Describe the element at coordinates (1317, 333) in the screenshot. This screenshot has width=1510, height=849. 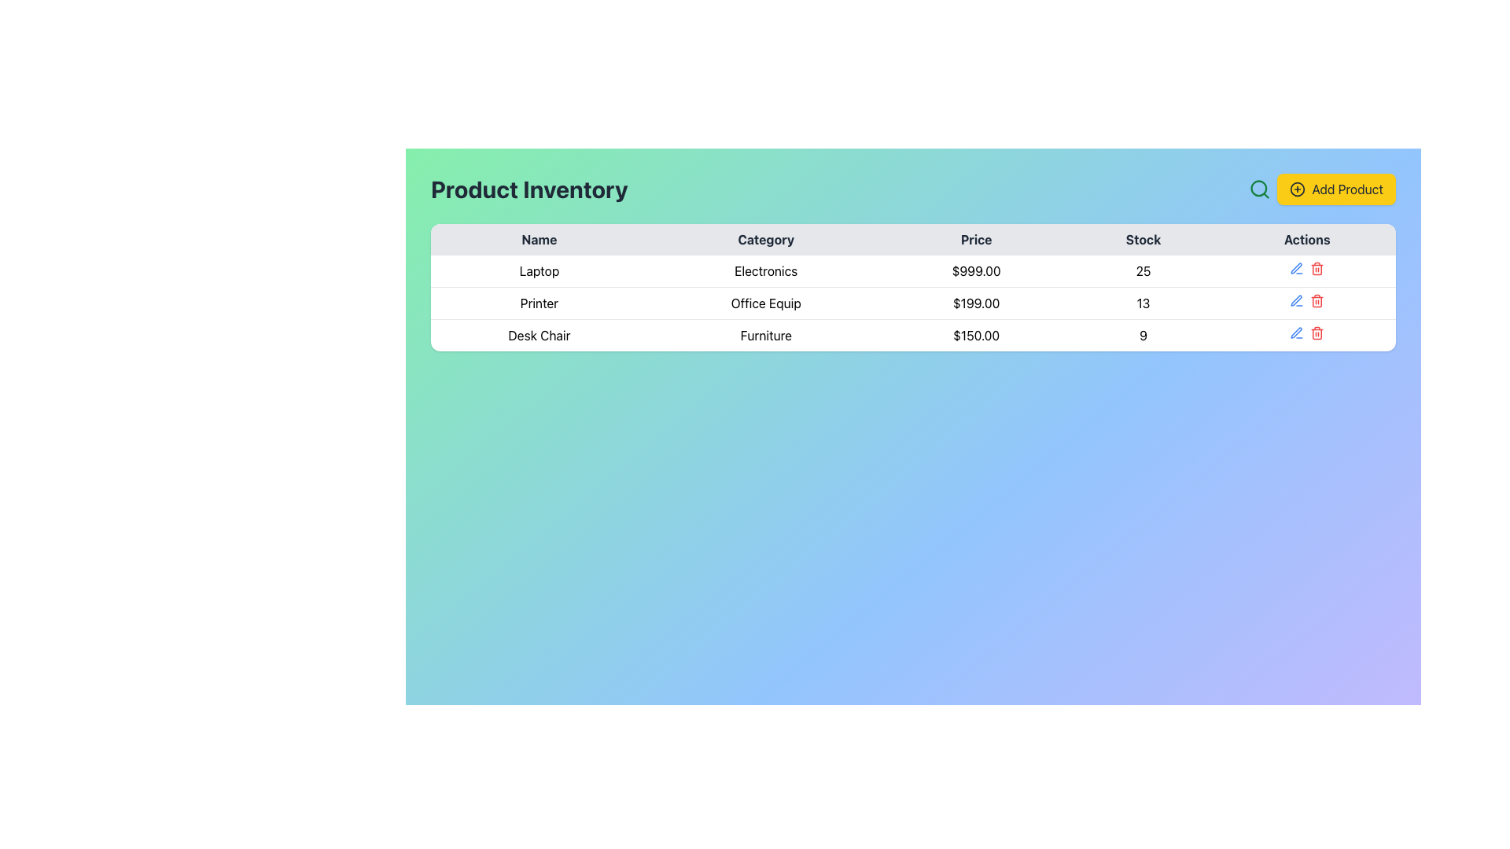
I see `the trash bin icon with red color in the 'Actions' column of the last row labeled 'Desk Chair' in the product table` at that location.